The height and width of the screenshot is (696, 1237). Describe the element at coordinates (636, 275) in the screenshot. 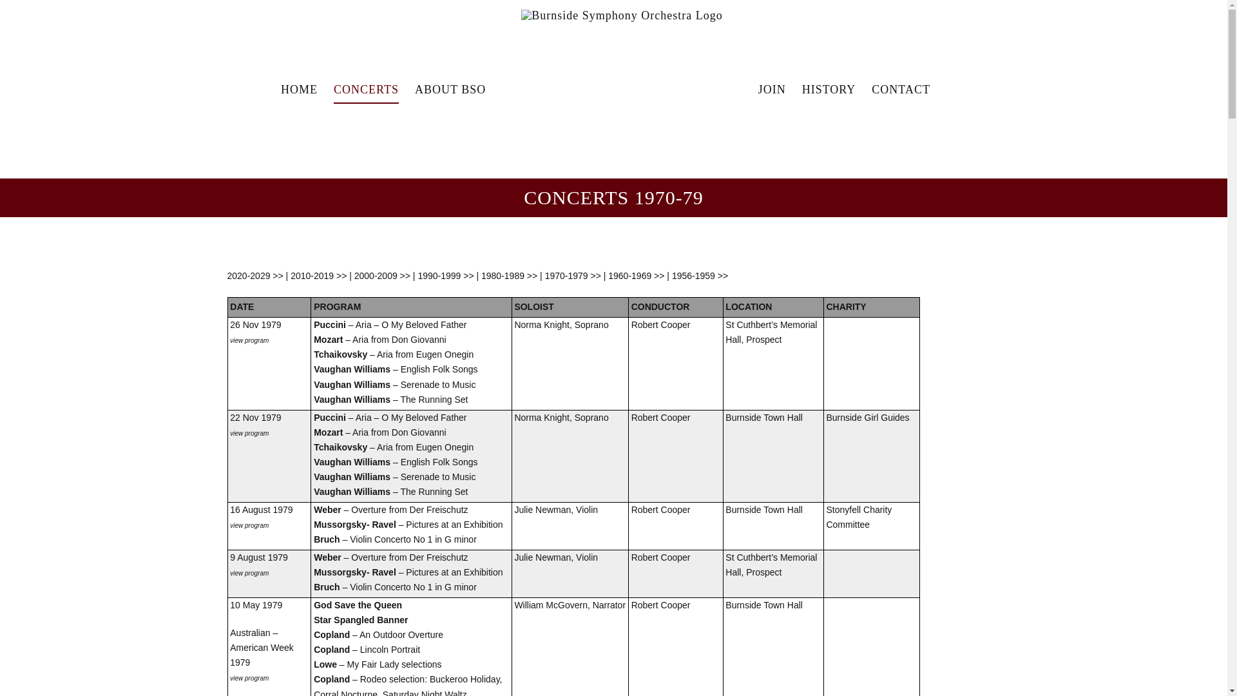

I see `'1960-1969 >>'` at that location.